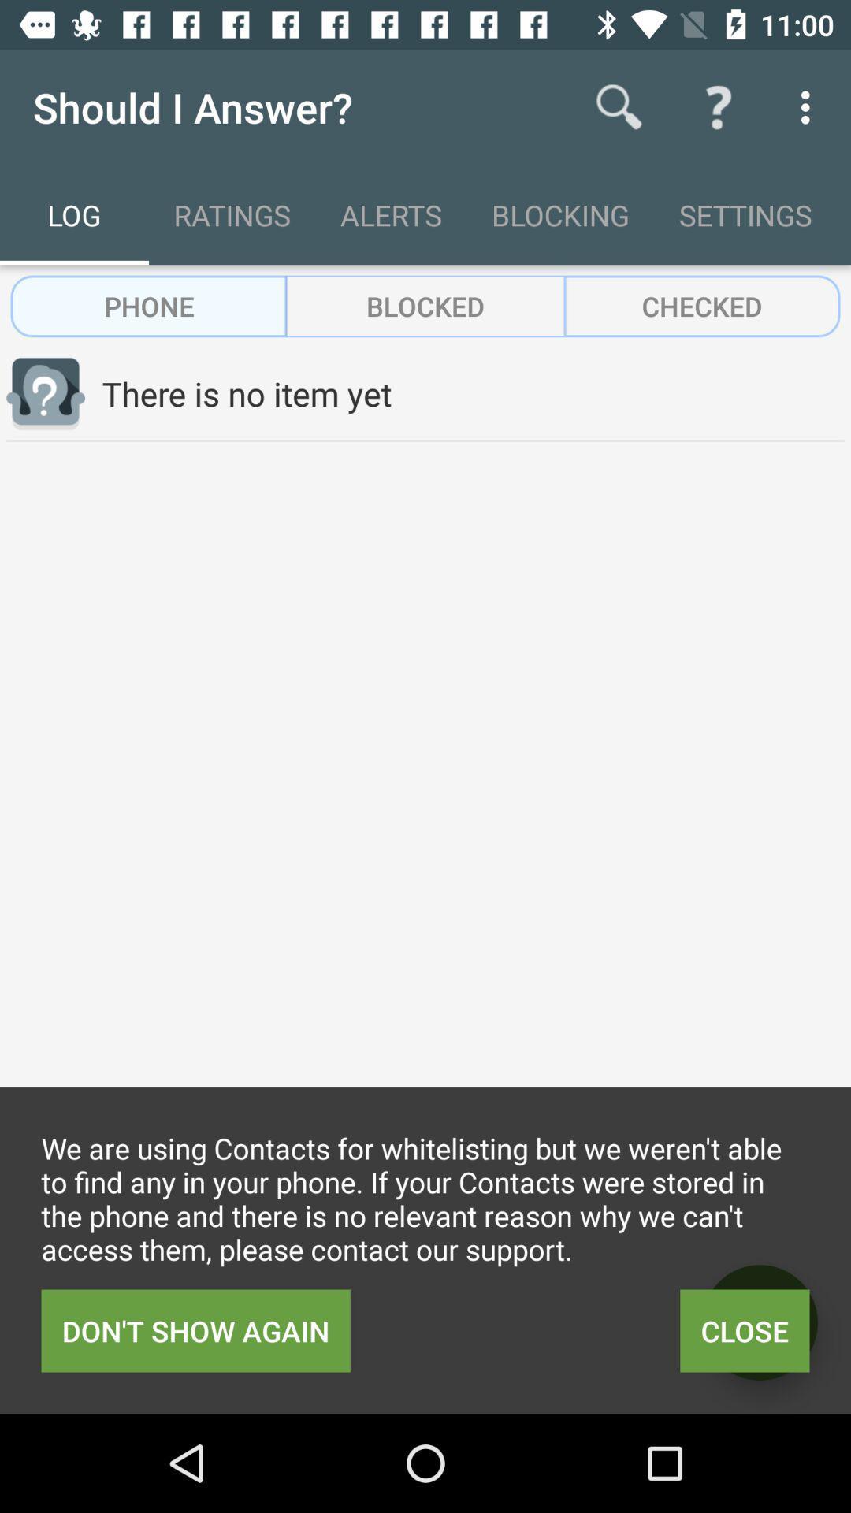 Image resolution: width=851 pixels, height=1513 pixels. I want to click on item below the we are using item, so click(745, 1330).